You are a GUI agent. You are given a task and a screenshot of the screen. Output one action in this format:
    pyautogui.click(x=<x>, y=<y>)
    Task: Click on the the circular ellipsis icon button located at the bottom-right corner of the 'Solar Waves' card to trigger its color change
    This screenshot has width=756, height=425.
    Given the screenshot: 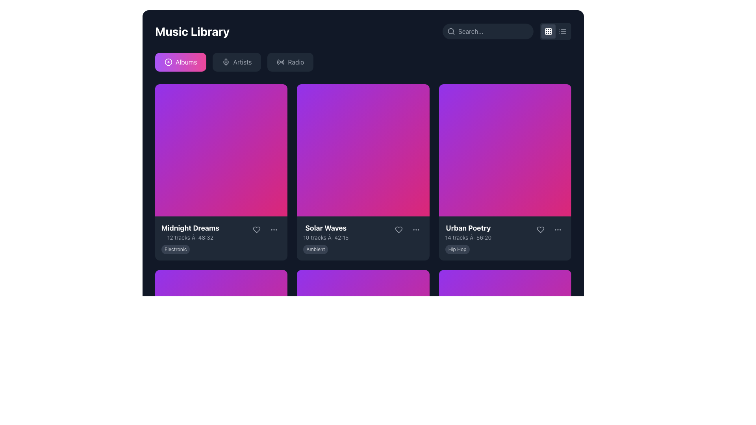 What is the action you would take?
    pyautogui.click(x=415, y=230)
    